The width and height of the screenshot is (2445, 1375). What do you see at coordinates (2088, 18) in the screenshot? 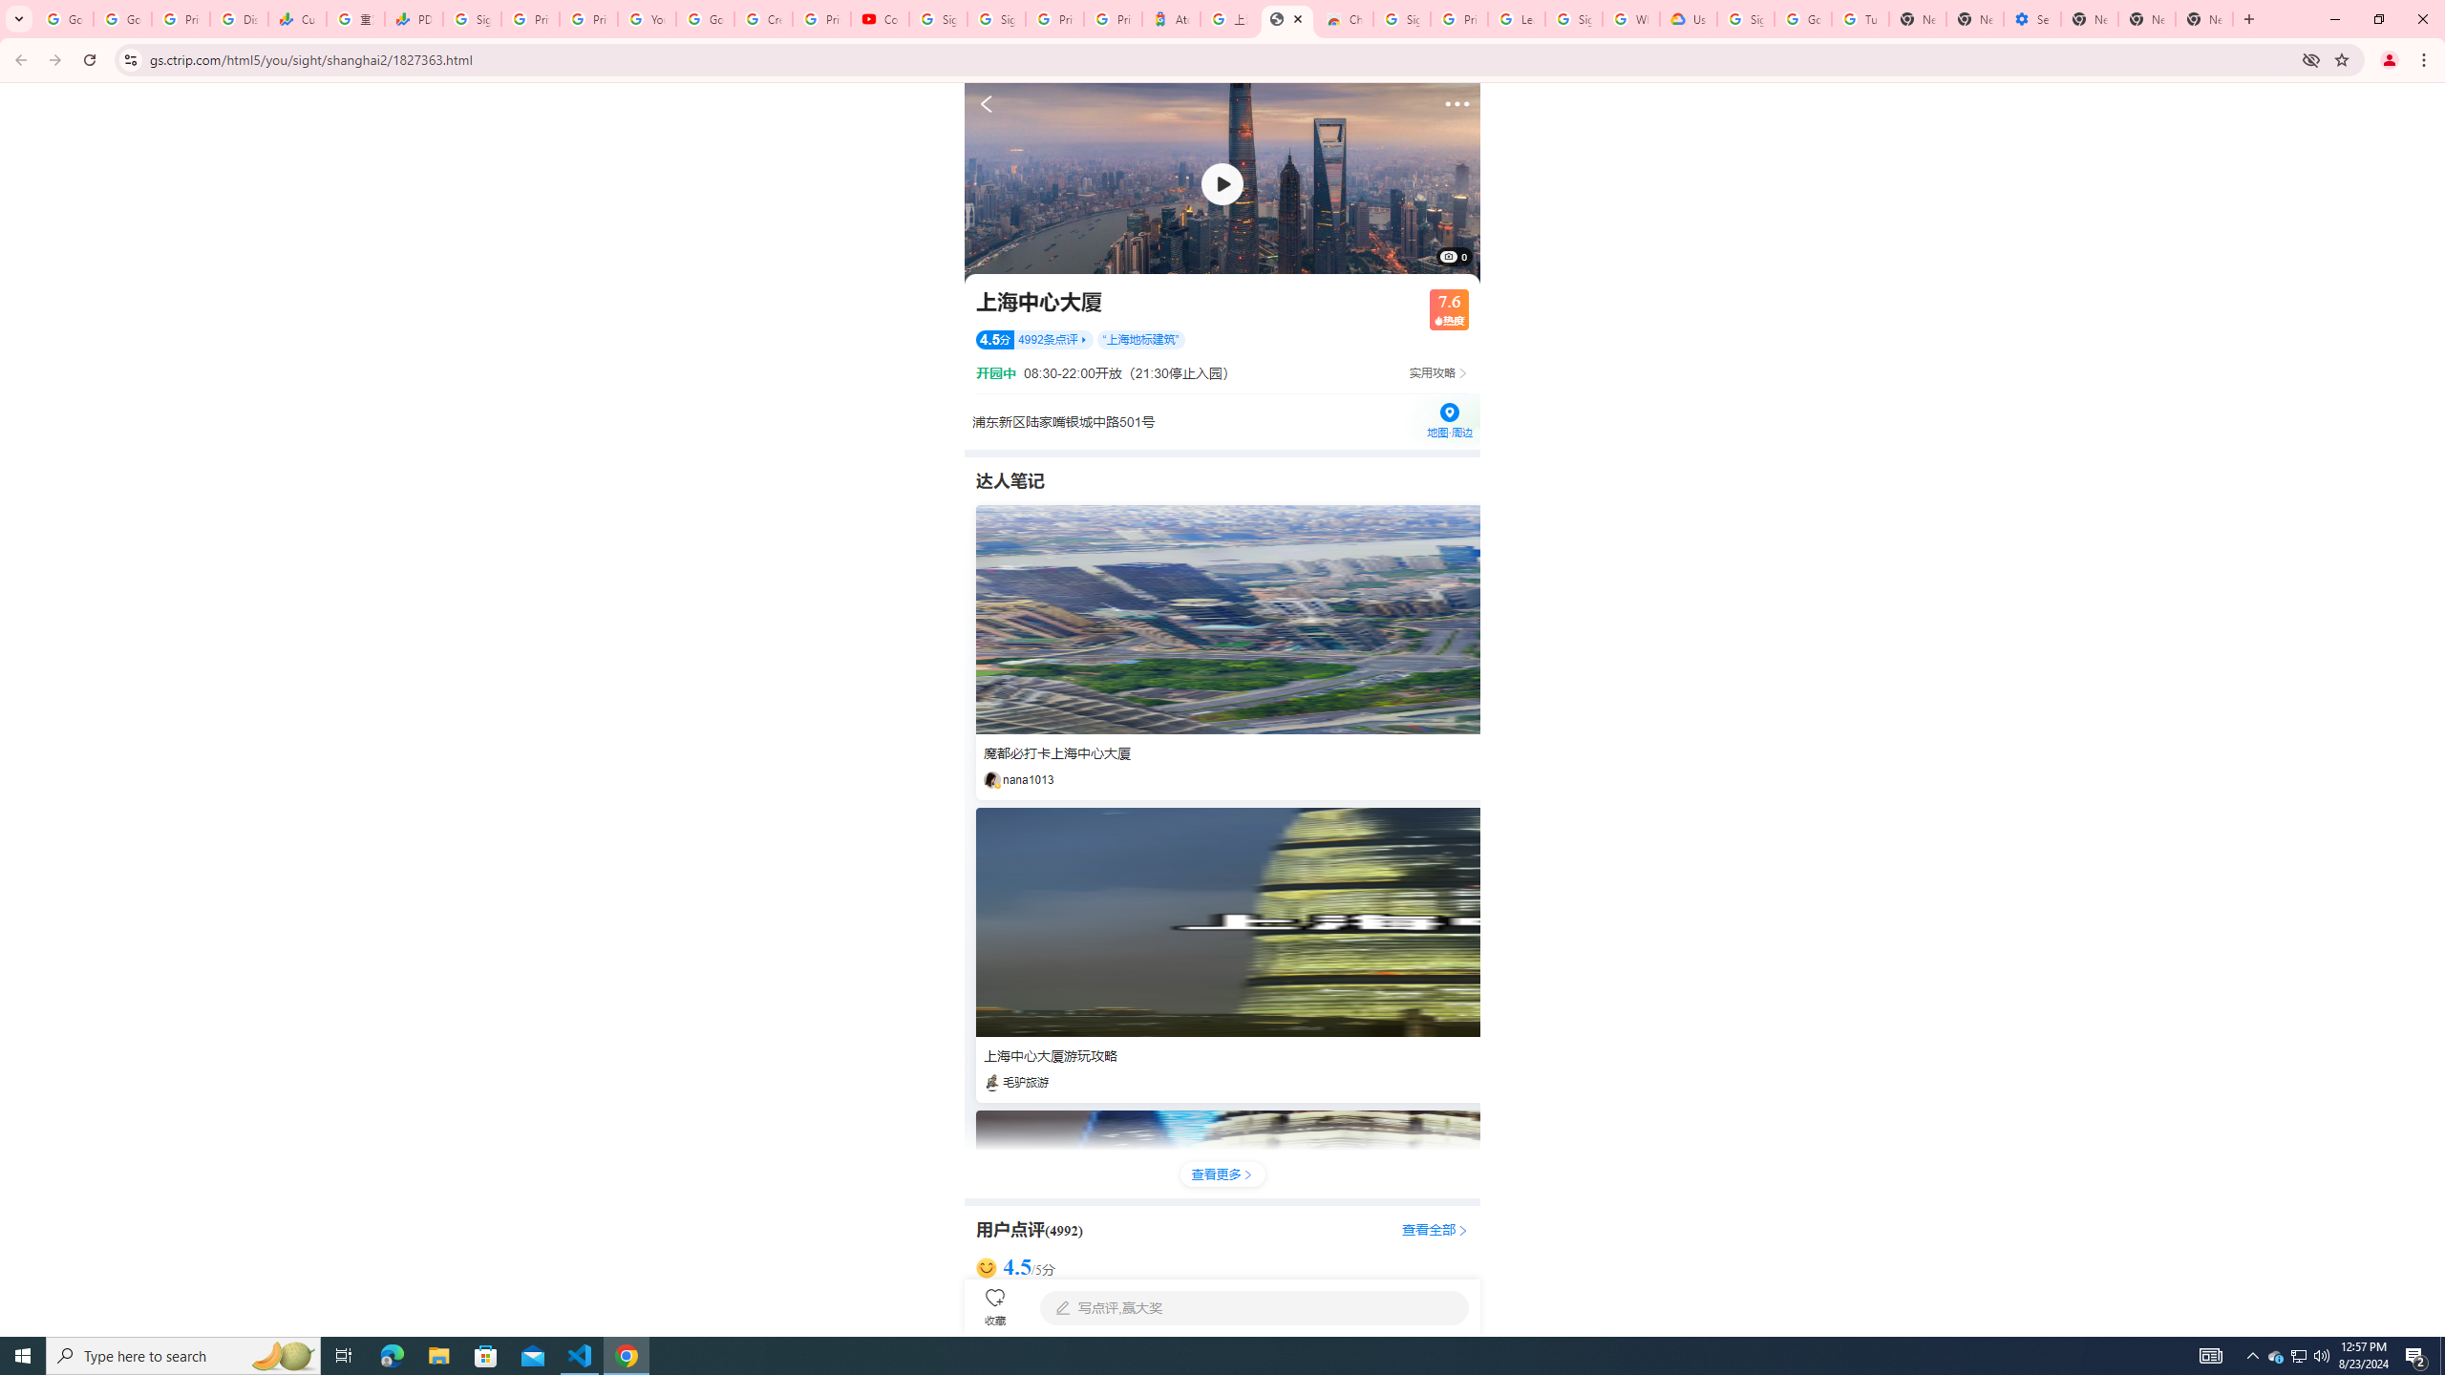
I see `'New Tab'` at bounding box center [2088, 18].